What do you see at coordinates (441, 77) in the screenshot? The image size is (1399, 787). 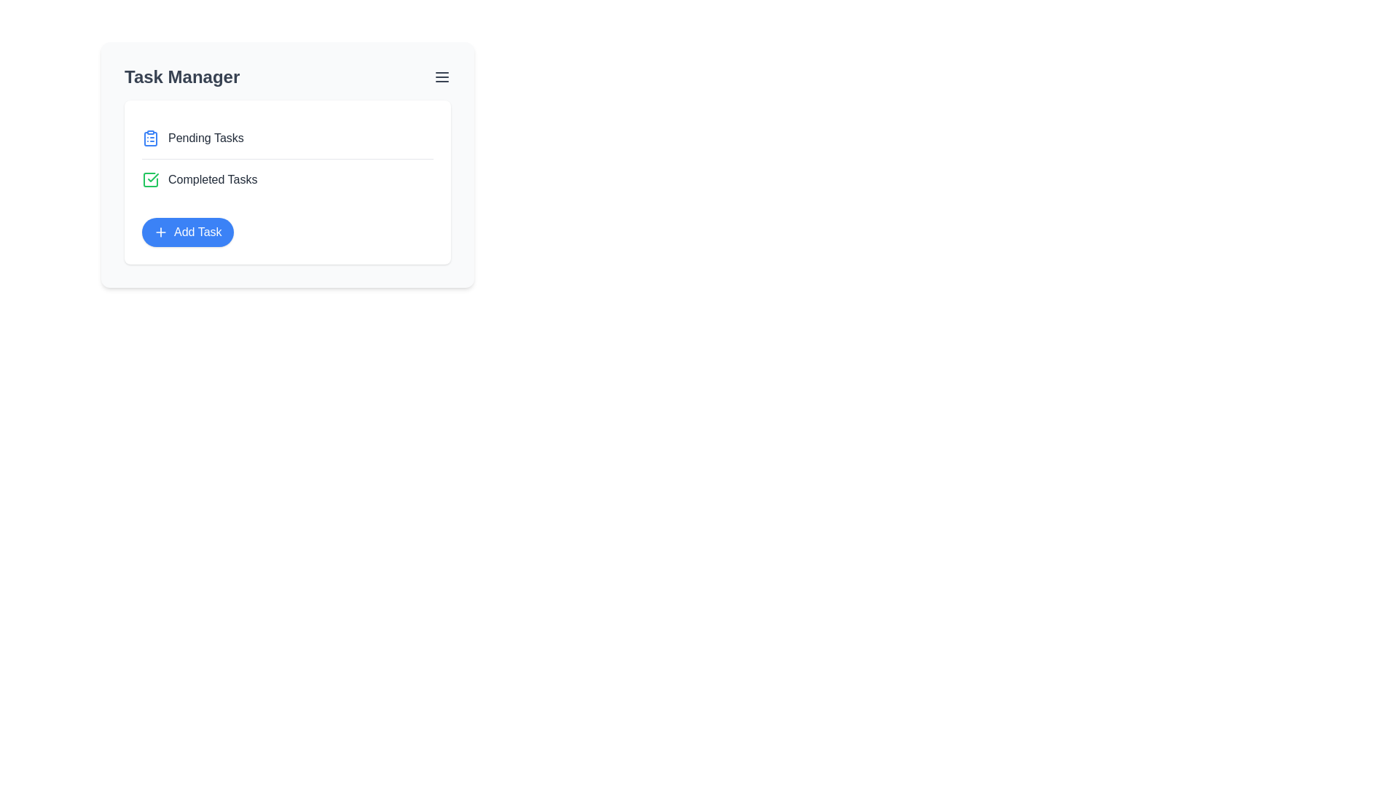 I see `the menu button to toggle the menu visibility` at bounding box center [441, 77].